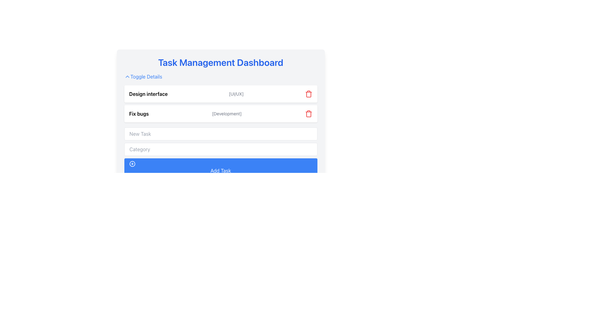 The image size is (594, 334). Describe the element at coordinates (221, 168) in the screenshot. I see `the 'Add Task' button, which has a blue background and white text` at that location.